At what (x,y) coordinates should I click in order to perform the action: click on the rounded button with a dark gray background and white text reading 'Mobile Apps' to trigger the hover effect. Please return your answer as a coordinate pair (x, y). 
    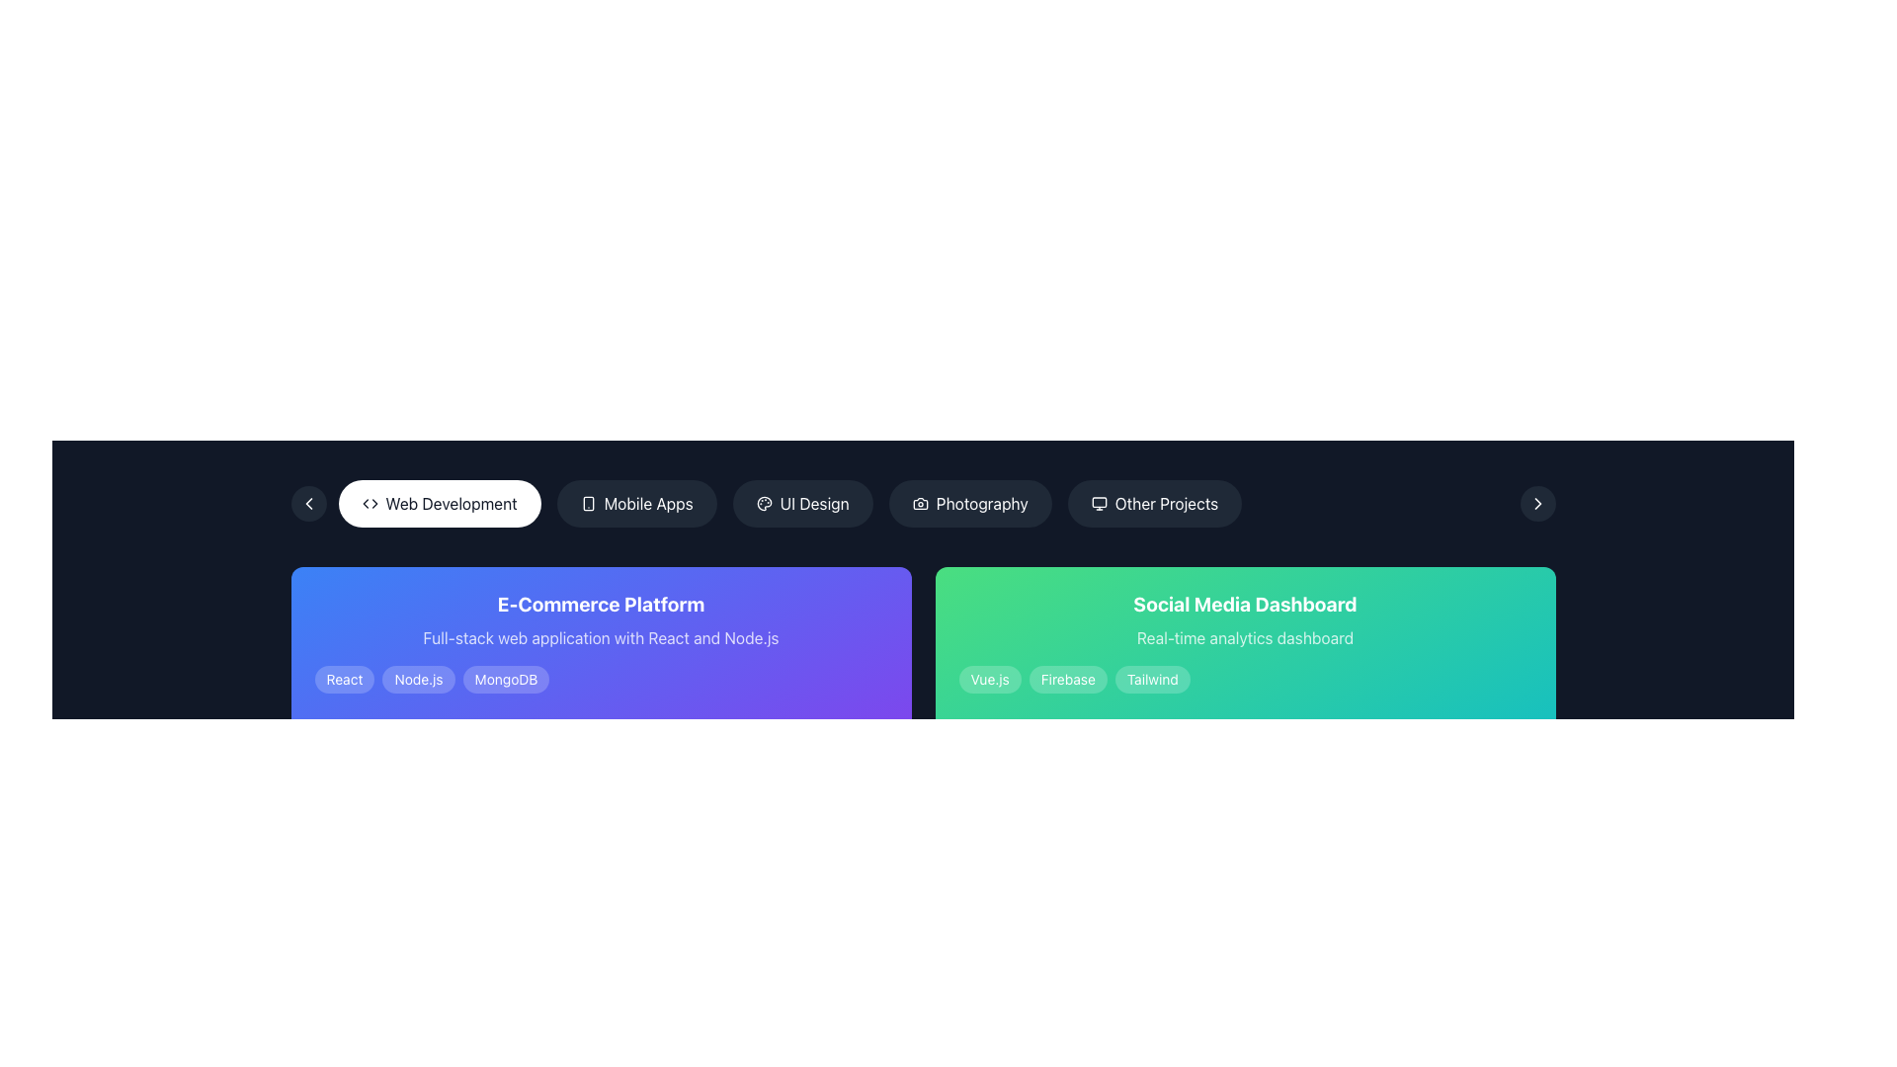
    Looking at the image, I should click on (636, 502).